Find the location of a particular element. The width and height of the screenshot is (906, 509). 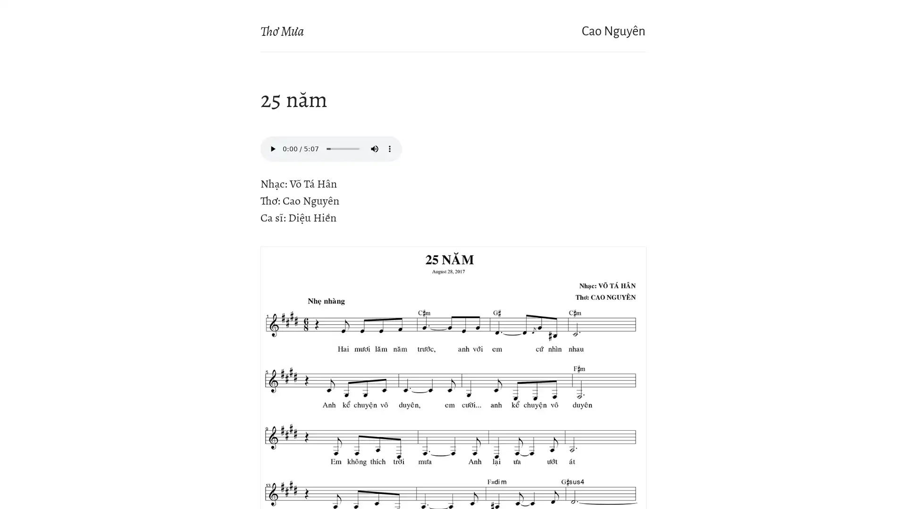

play is located at coordinates (272, 148).